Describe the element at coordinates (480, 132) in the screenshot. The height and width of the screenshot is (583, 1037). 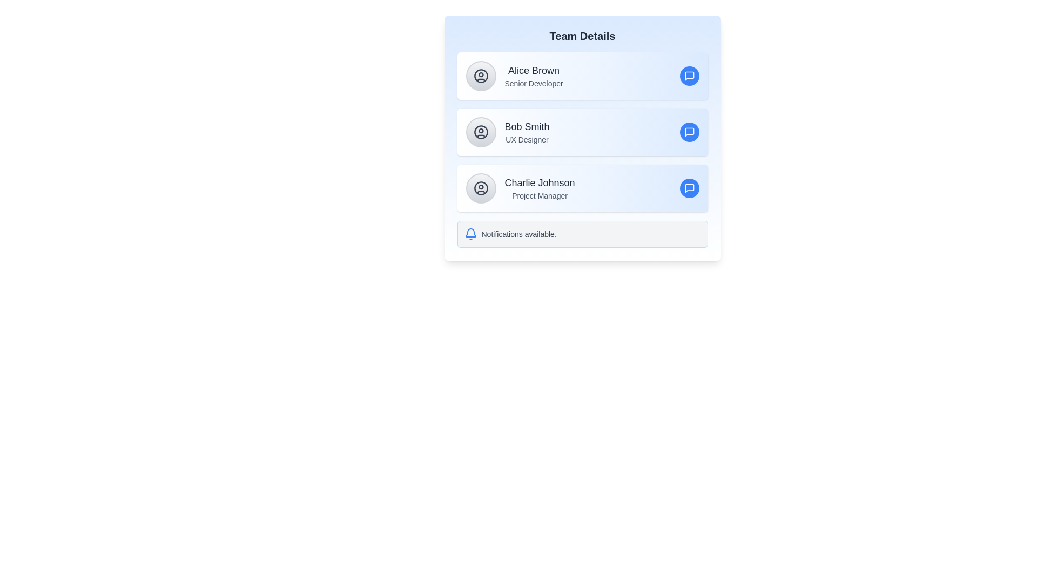
I see `the user profile icon for 'Bob Smith'` at that location.